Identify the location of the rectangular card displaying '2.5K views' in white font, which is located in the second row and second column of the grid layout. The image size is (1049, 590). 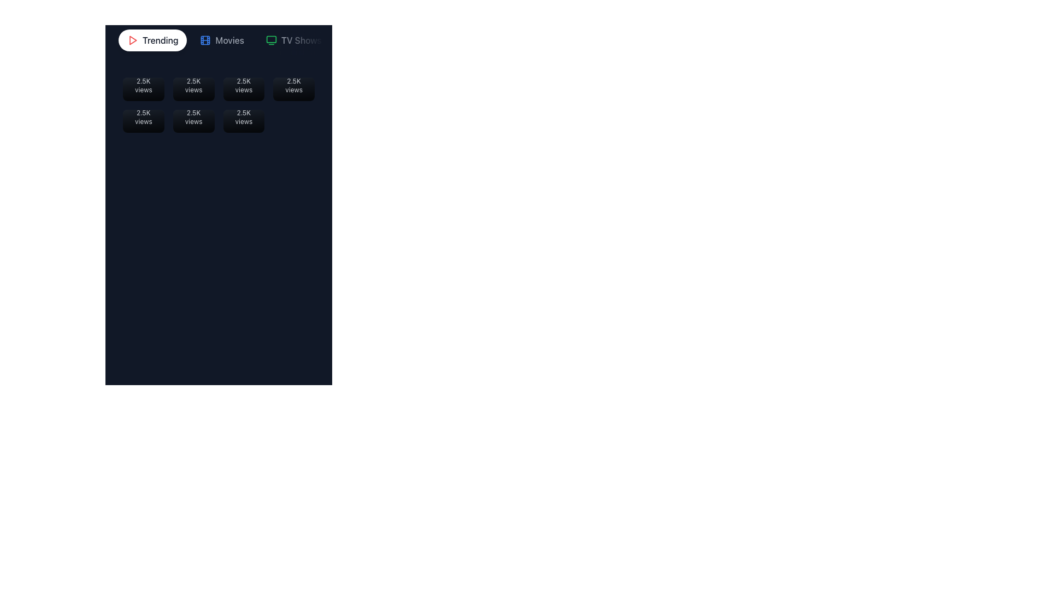
(193, 121).